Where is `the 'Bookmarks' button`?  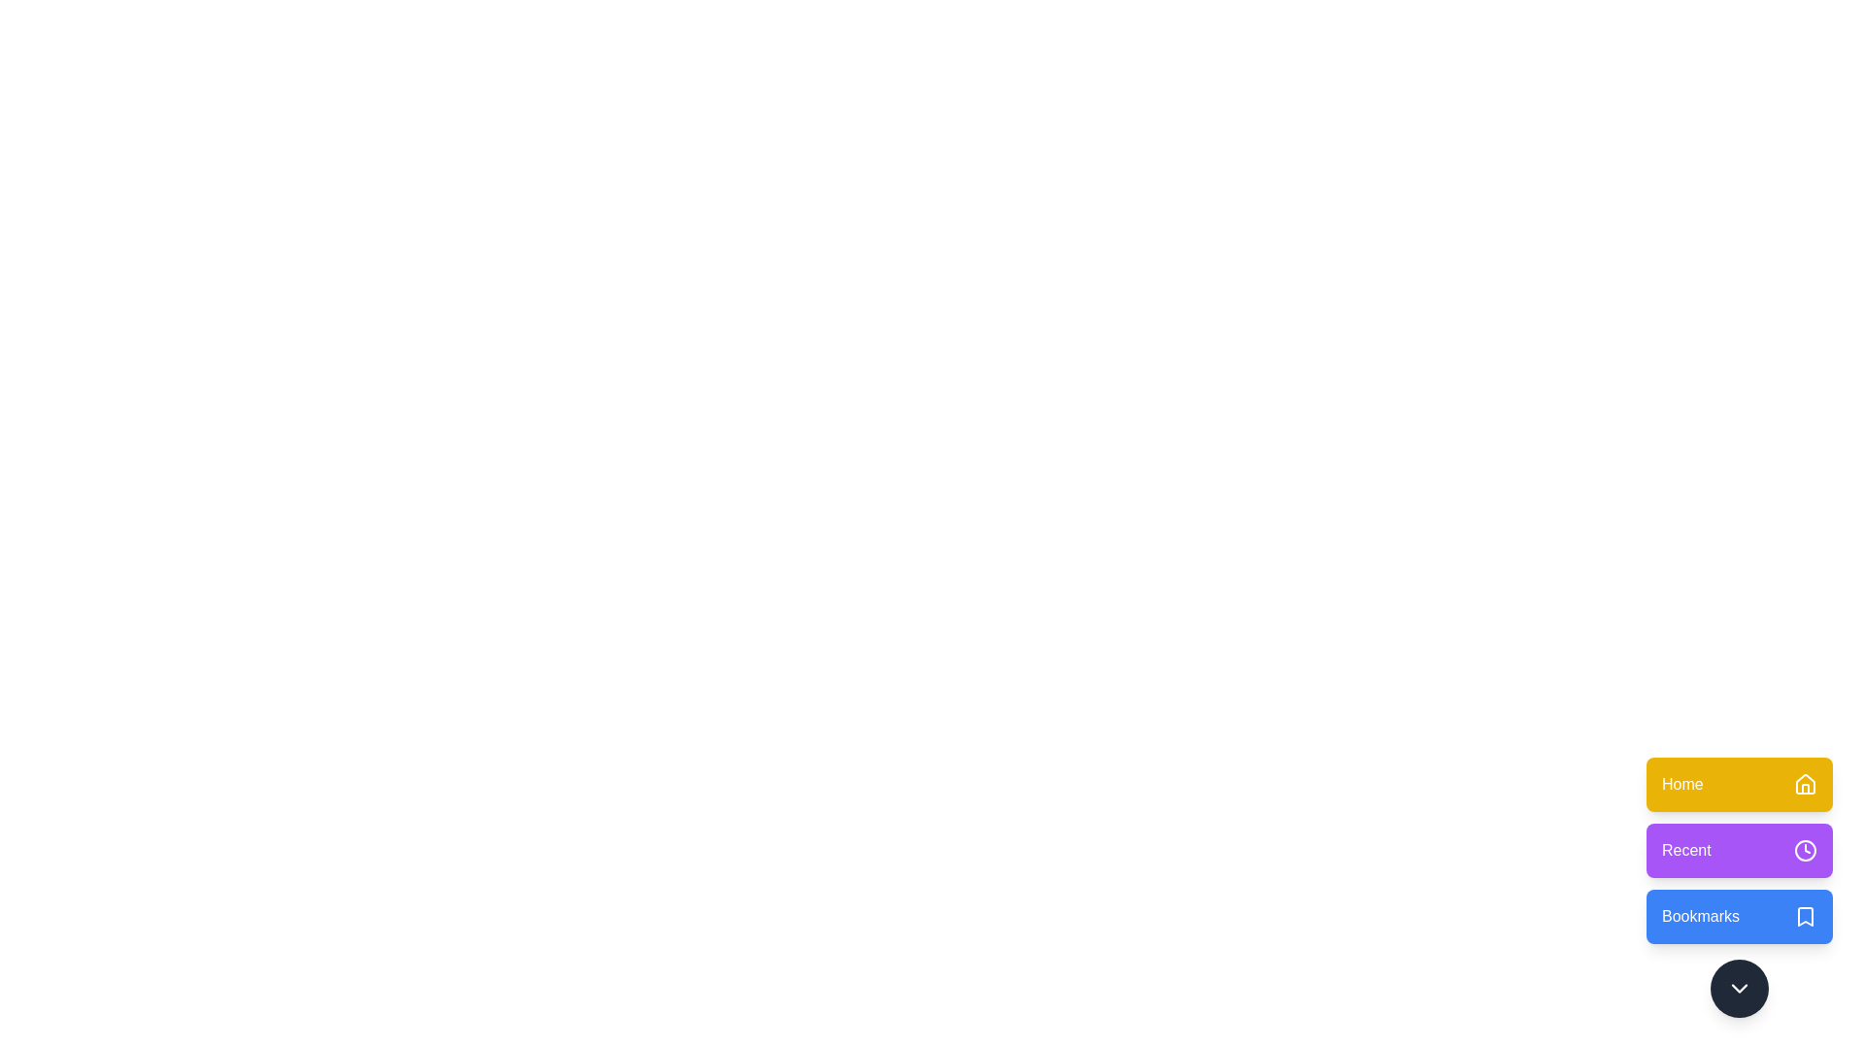
the 'Bookmarks' button is located at coordinates (1739, 917).